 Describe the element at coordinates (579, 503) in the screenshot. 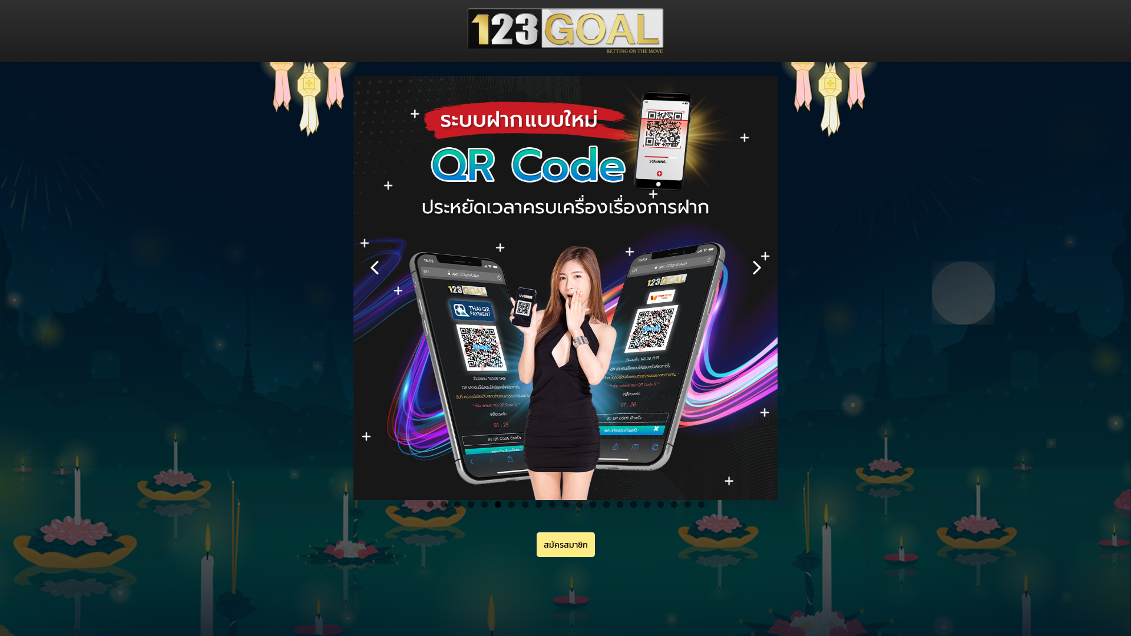

I see `'12'` at that location.